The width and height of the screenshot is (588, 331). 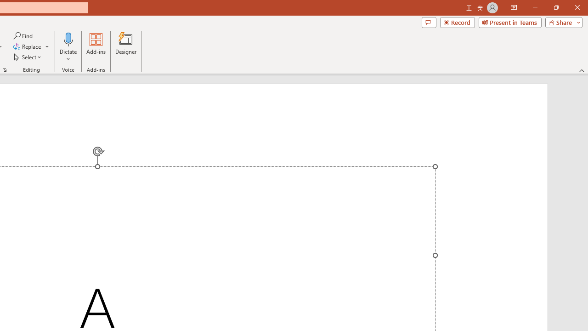 I want to click on 'Collapse the Ribbon', so click(x=582, y=70).